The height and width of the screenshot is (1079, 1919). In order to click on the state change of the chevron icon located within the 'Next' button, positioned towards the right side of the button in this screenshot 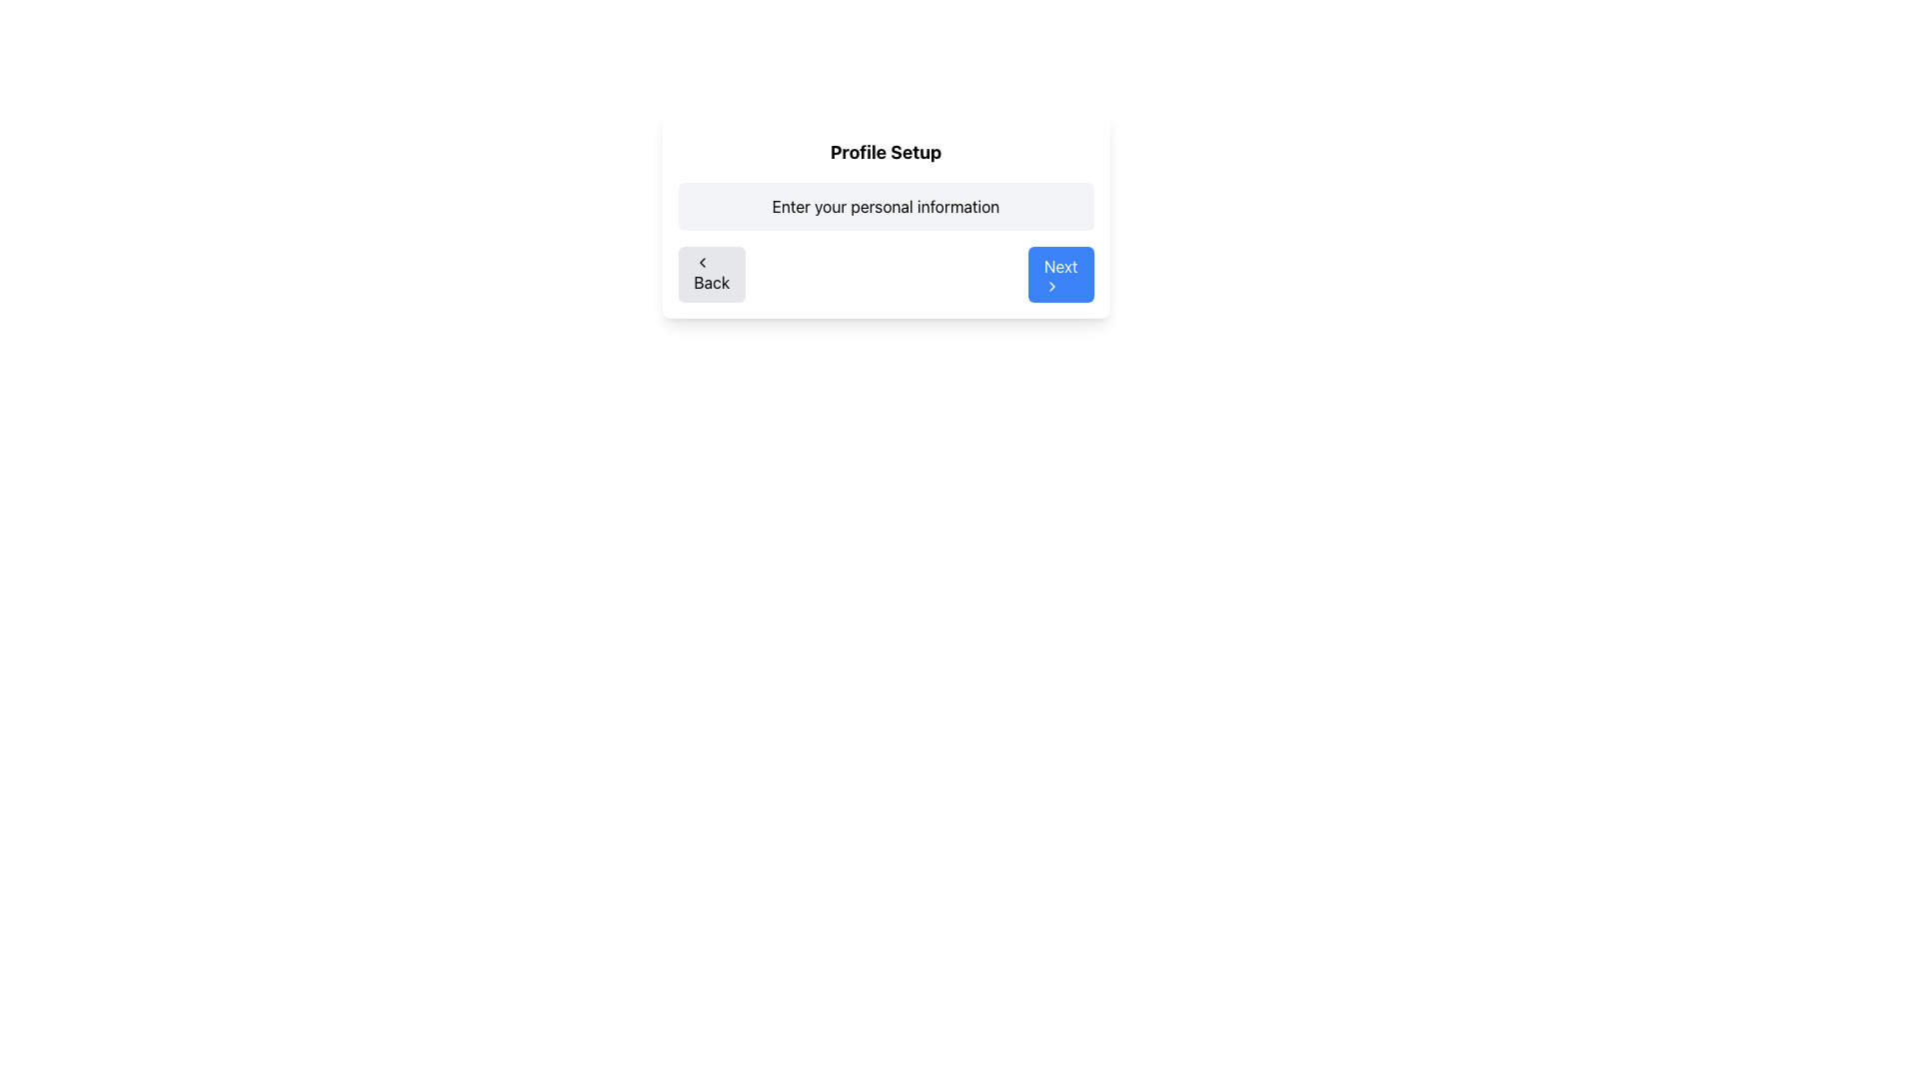, I will do `click(1050, 286)`.